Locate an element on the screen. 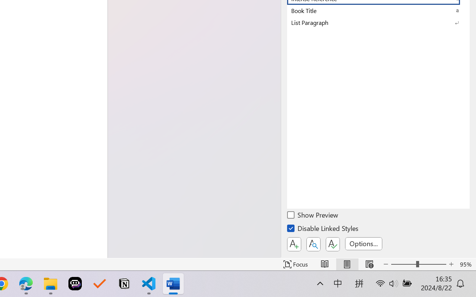 This screenshot has width=476, height=297. 'Class: NetUIButton' is located at coordinates (332, 244).